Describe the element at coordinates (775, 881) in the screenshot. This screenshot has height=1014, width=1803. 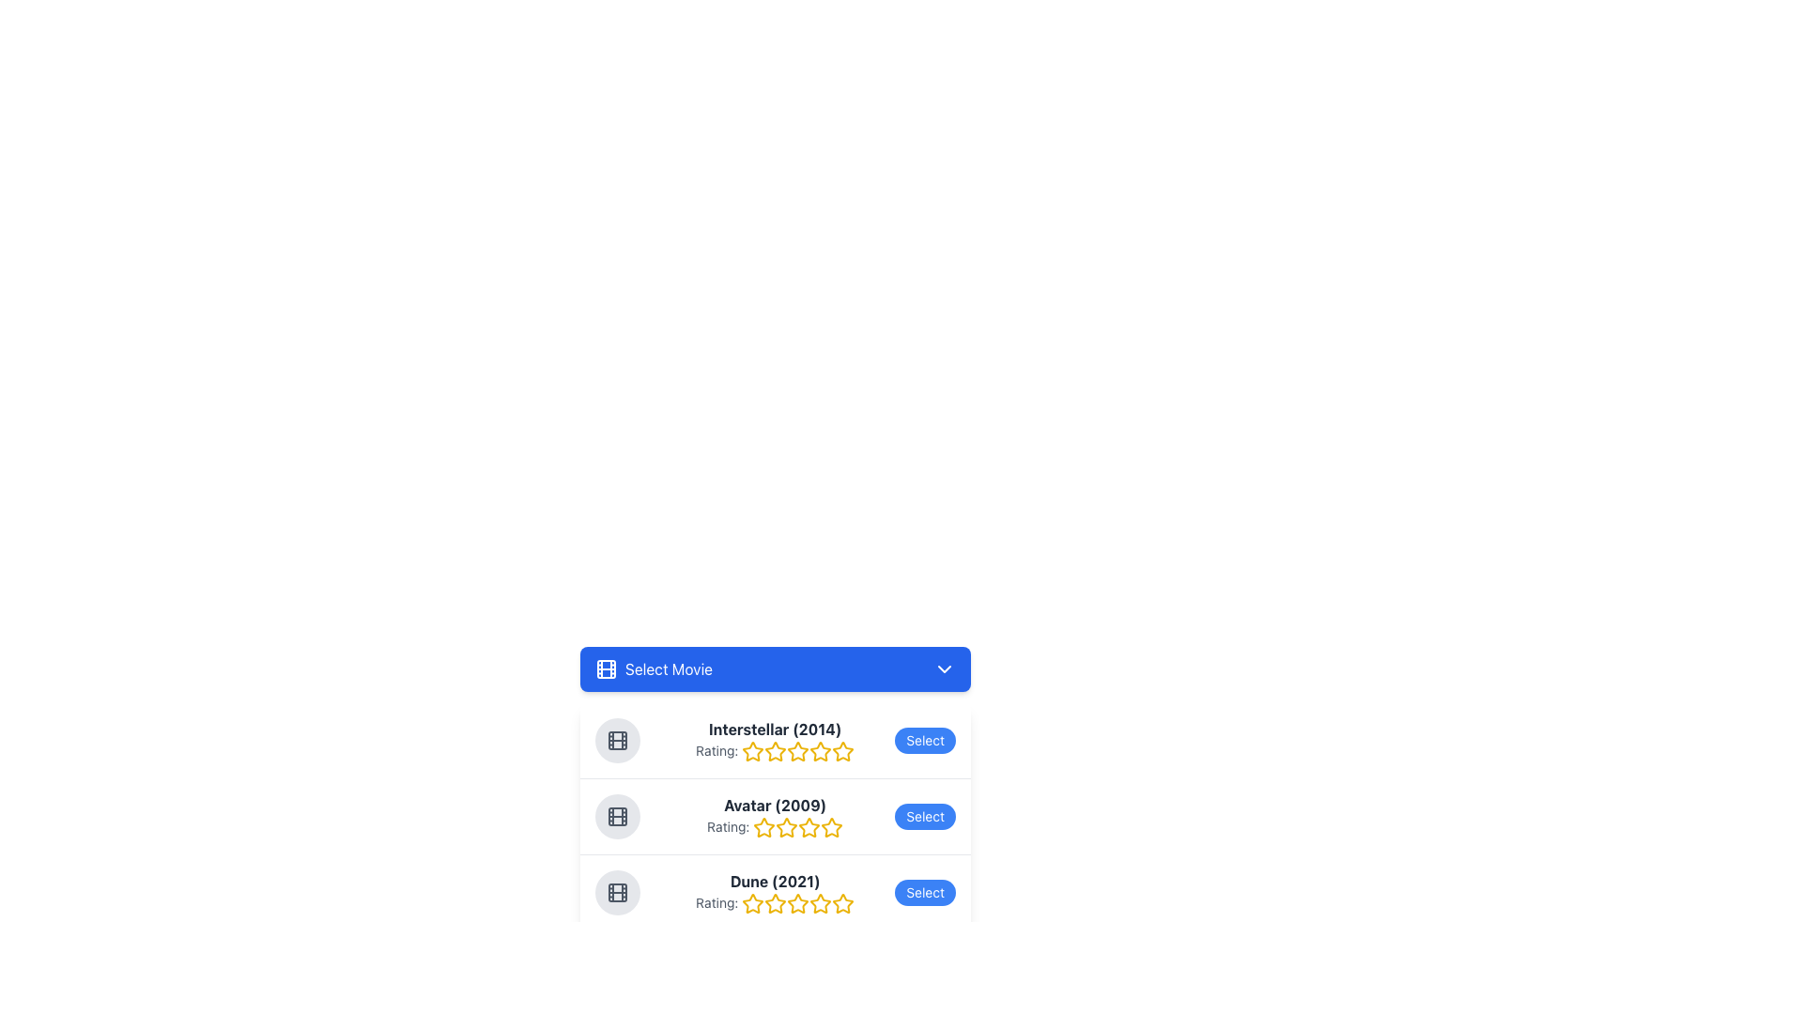
I see `the bold dark-gray static text titled 'Dune (2021)' which is located in the third movie entry of the listing interface` at that location.